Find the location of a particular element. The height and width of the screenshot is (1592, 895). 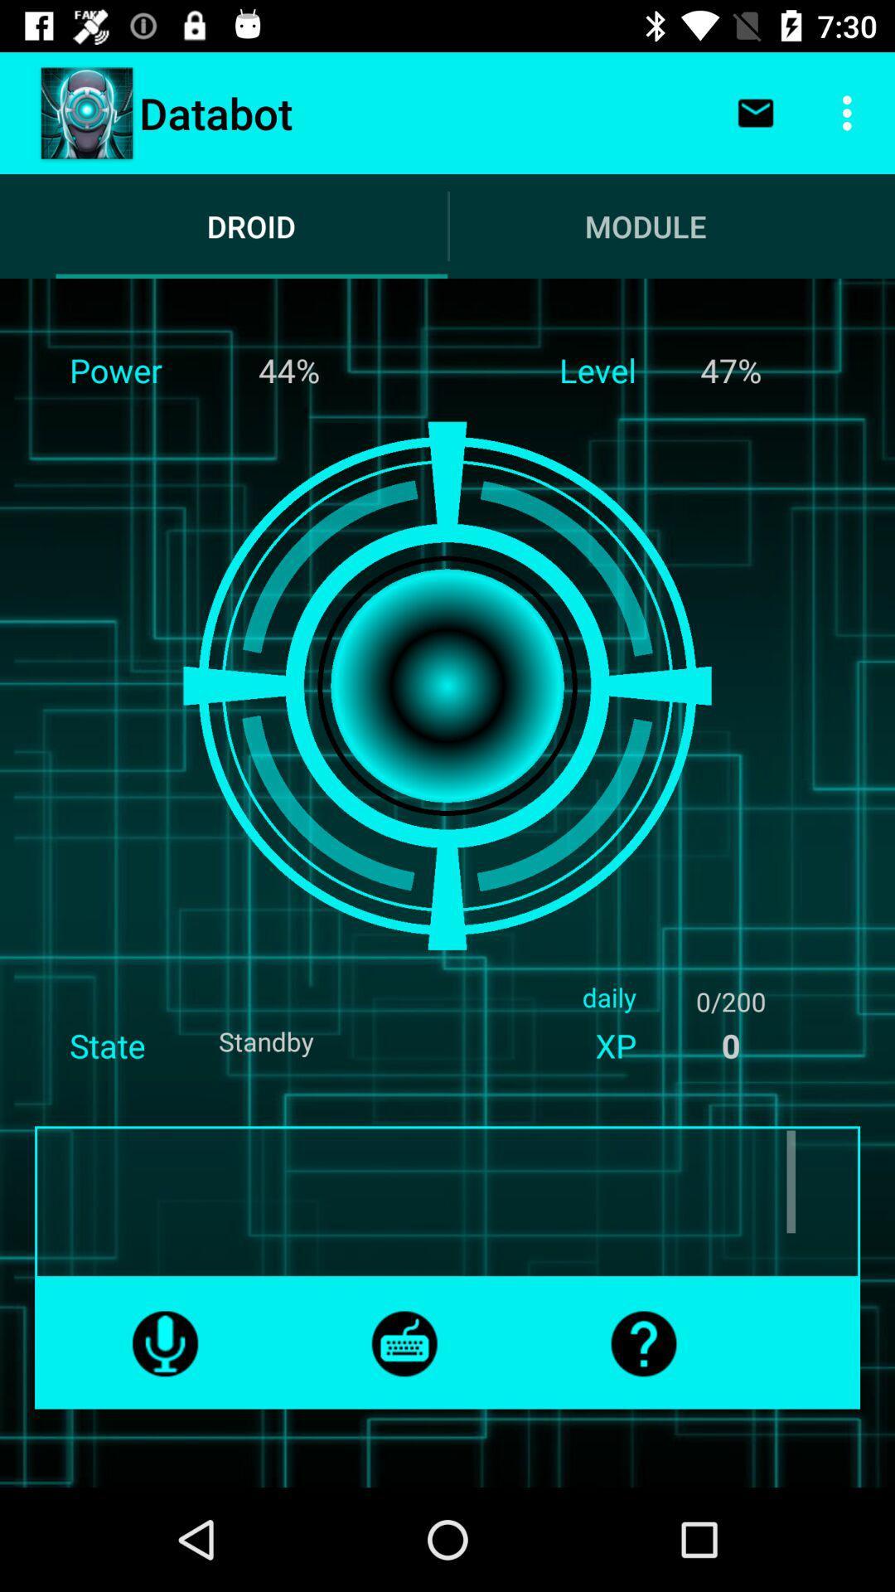

the thumbs_up icon is located at coordinates (404, 1343).